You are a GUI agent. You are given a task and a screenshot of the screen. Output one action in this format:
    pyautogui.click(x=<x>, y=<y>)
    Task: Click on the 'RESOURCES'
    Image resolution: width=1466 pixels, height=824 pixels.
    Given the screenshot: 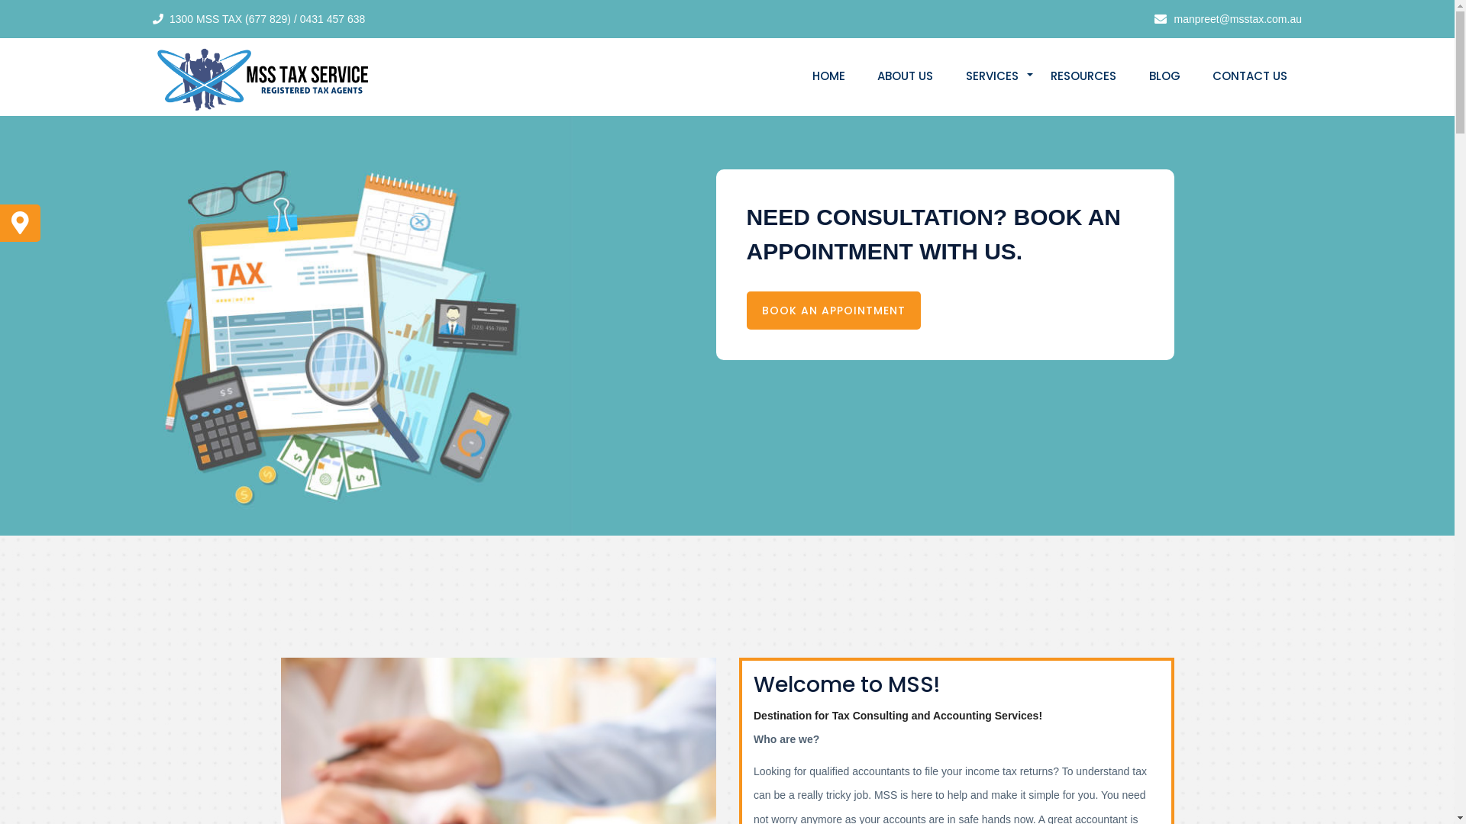 What is the action you would take?
    pyautogui.click(x=1083, y=76)
    